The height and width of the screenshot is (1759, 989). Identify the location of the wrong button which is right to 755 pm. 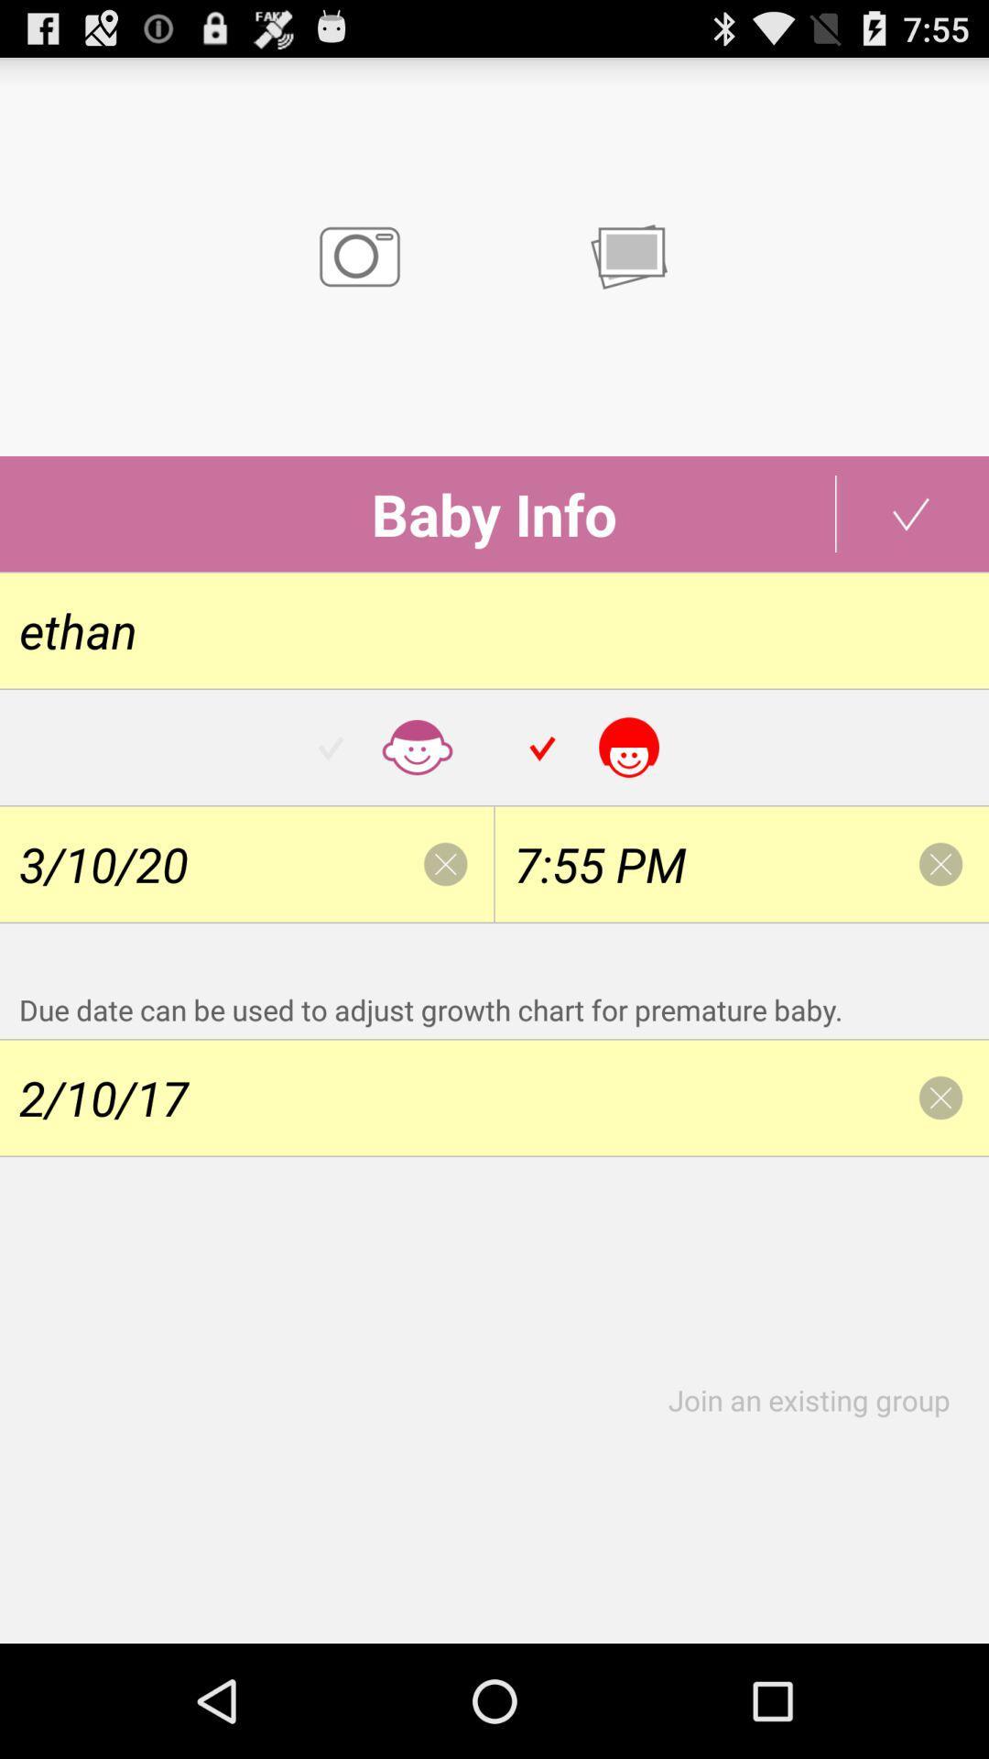
(940, 864).